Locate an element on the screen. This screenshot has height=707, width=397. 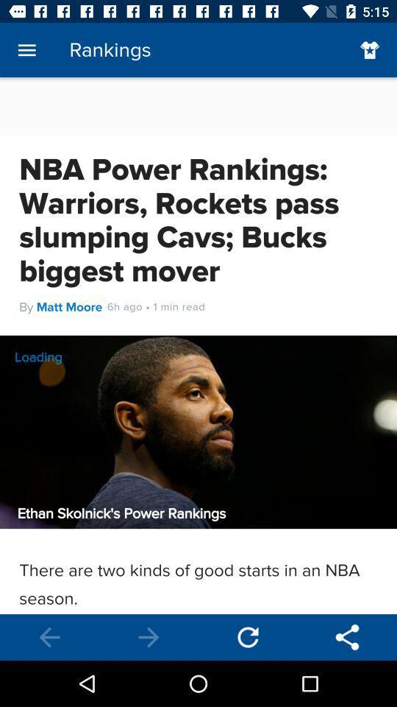
settings app is located at coordinates (347, 636).